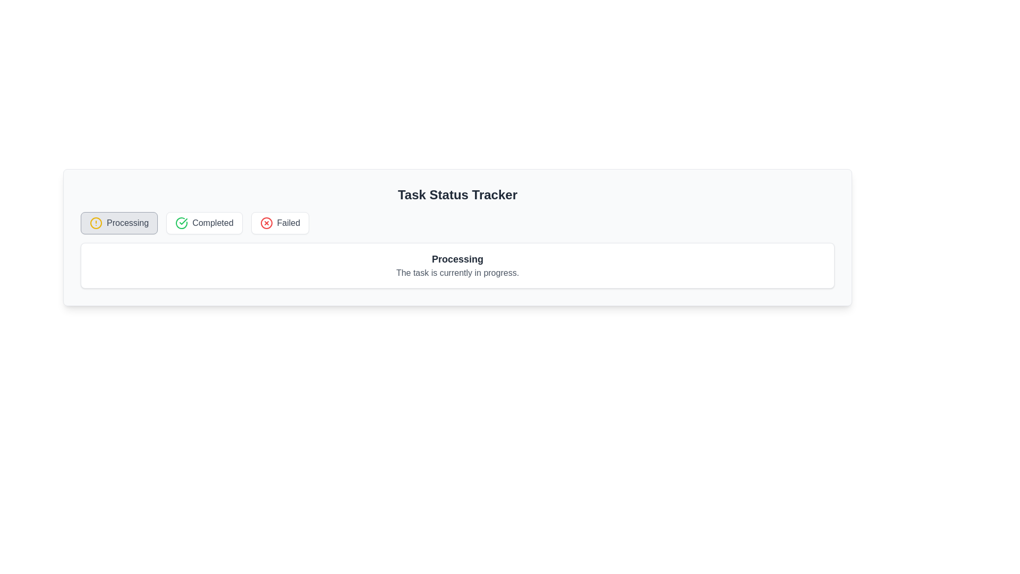 The image size is (1020, 574). What do you see at coordinates (457, 272) in the screenshot?
I see `the text element that reads 'The task is currently in progress.' which is styled in gray and located below the 'Processing' text within a white, bordered, shadowed box` at bounding box center [457, 272].